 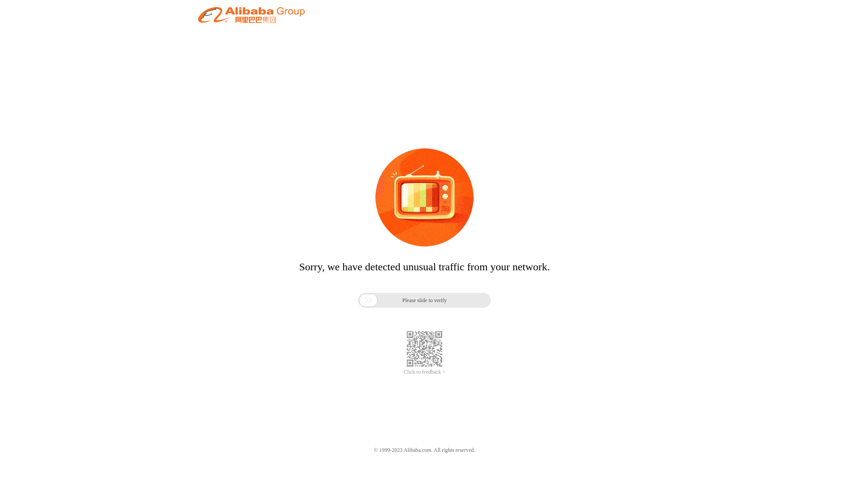 I want to click on 'Click to feedback >', so click(x=424, y=372).